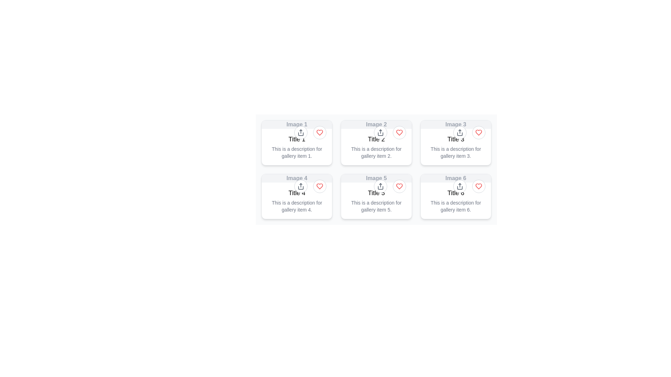 The width and height of the screenshot is (671, 377). I want to click on the circular button with a white background and red heart icon in the top-right corner of the 'Image 1' gallery item, so click(319, 133).